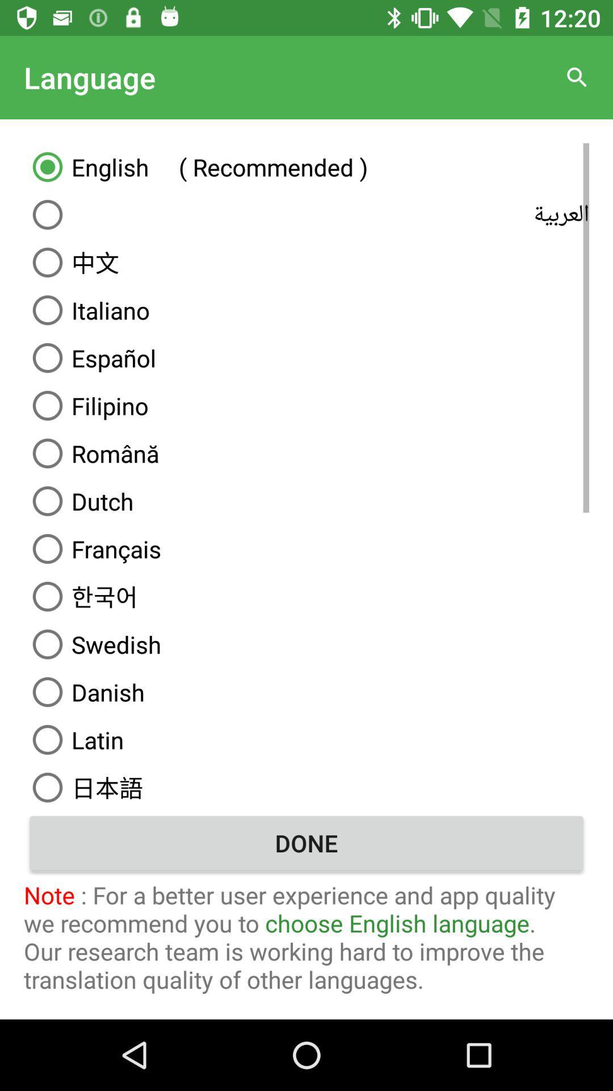 This screenshot has height=1091, width=613. Describe the element at coordinates (306, 843) in the screenshot. I see `the item above the note for a icon` at that location.